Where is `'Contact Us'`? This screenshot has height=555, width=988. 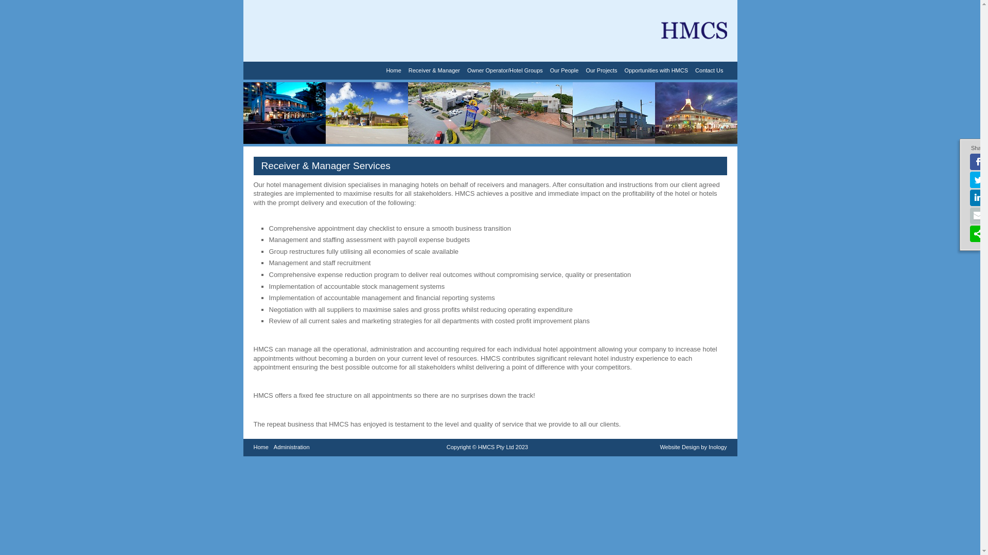
'Contact Us' is located at coordinates (708, 70).